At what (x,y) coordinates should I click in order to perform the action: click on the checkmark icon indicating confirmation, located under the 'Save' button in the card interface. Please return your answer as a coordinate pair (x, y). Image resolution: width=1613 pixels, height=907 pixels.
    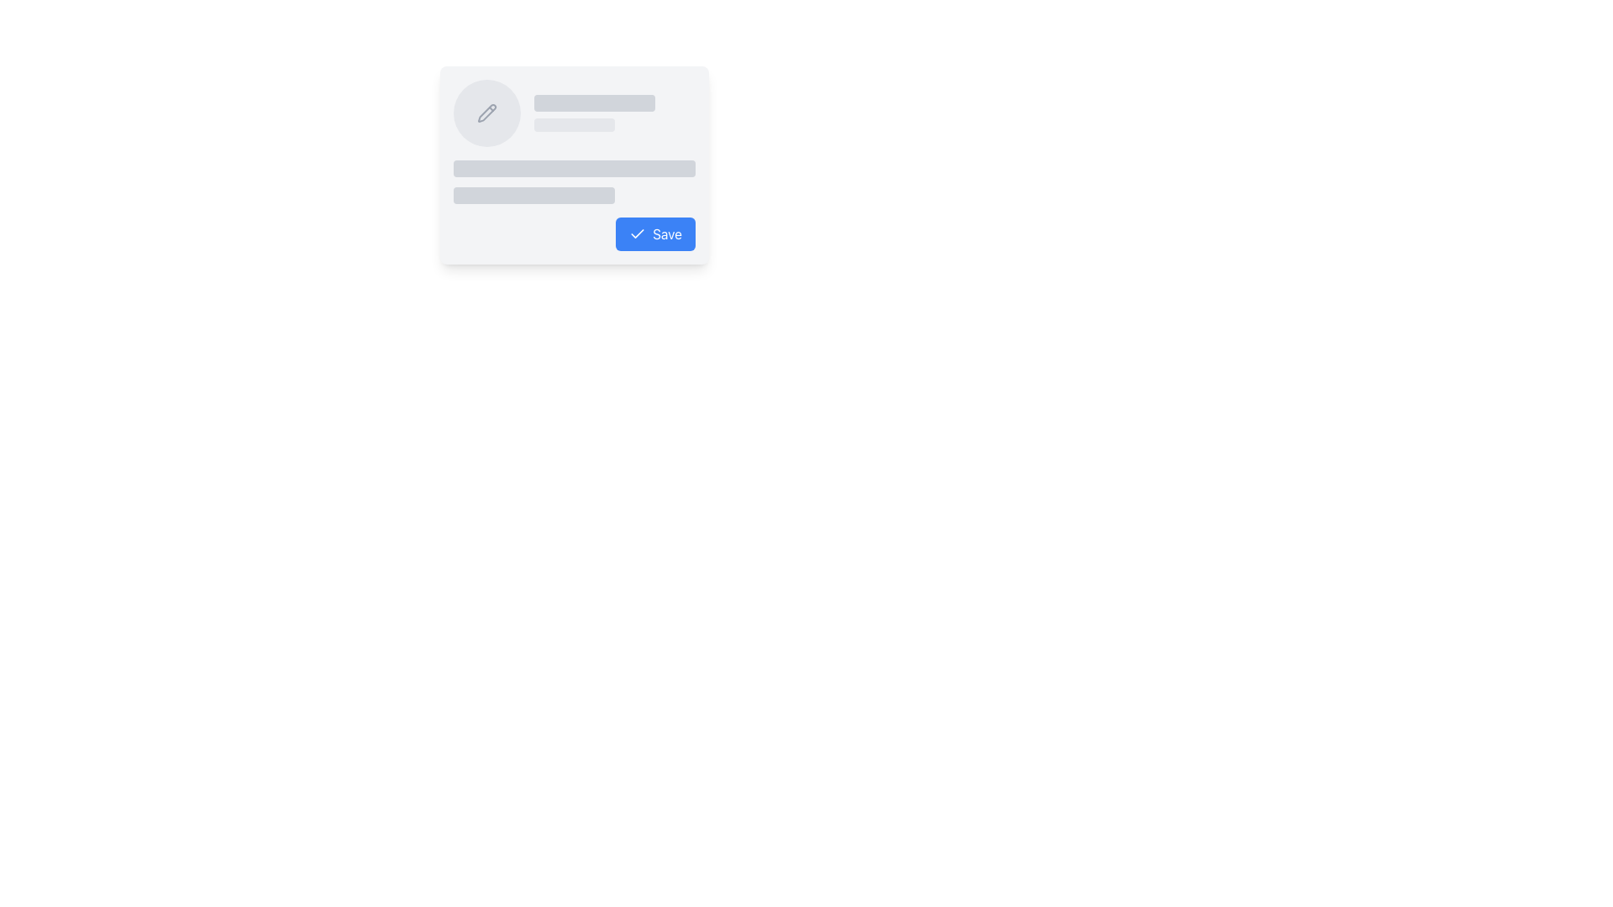
    Looking at the image, I should click on (636, 233).